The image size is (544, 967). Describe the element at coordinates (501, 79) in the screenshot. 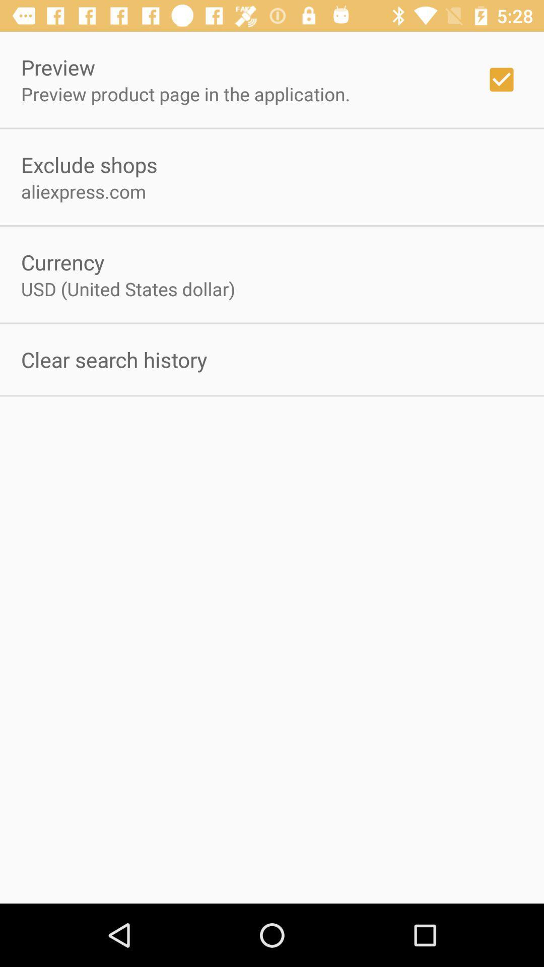

I see `the icon to the right of preview product page` at that location.